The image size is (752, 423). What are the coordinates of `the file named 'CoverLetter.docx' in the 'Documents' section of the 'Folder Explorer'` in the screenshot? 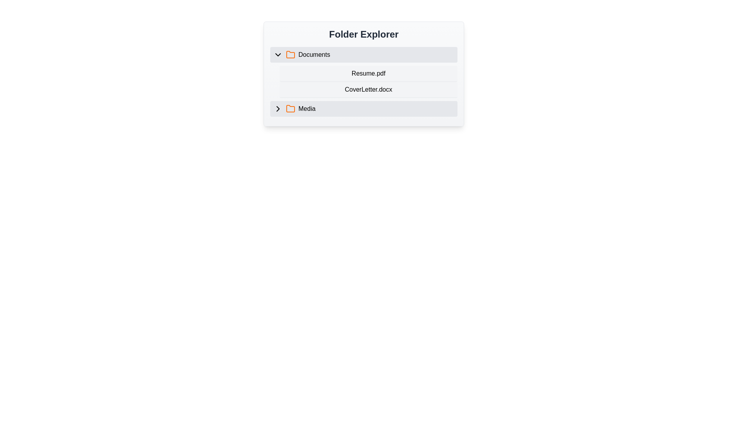 It's located at (368, 89).